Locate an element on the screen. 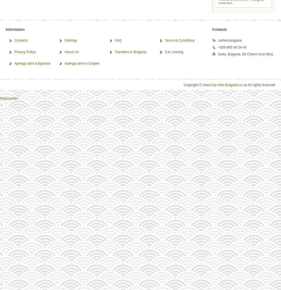  'www.Car-Hire-Bulgaria.co.uk' is located at coordinates (202, 85).